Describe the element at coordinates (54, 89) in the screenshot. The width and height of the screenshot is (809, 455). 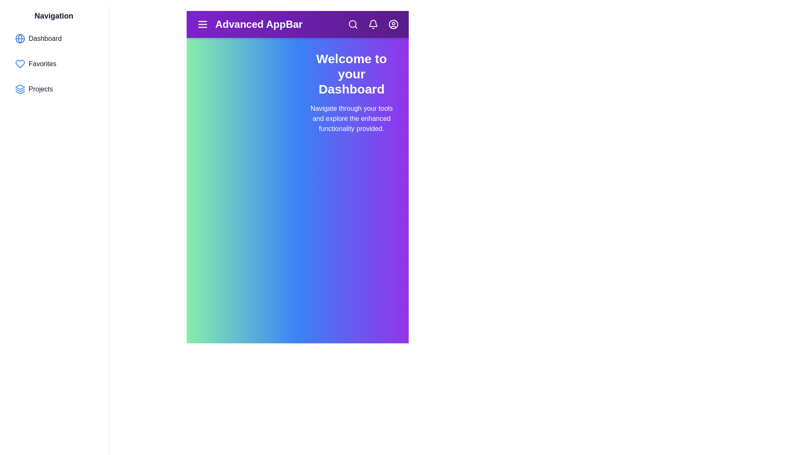
I see `the navigation item Projects` at that location.